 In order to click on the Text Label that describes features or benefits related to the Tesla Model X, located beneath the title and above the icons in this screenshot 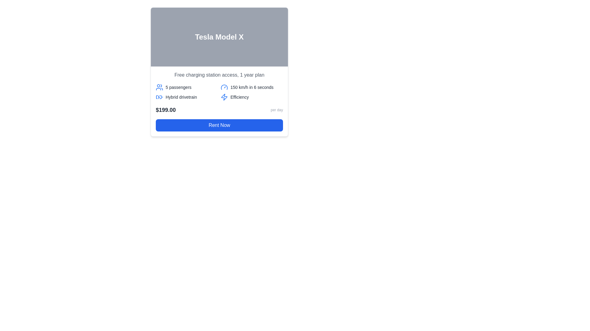, I will do `click(219, 75)`.